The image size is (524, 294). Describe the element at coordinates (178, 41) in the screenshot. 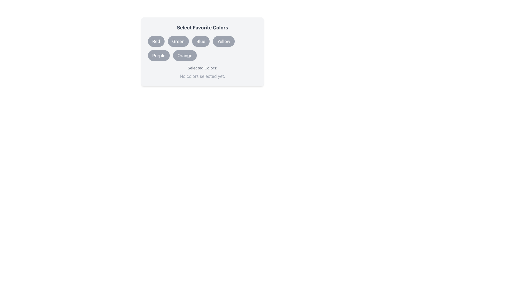

I see `the button labeled 'Green'` at that location.